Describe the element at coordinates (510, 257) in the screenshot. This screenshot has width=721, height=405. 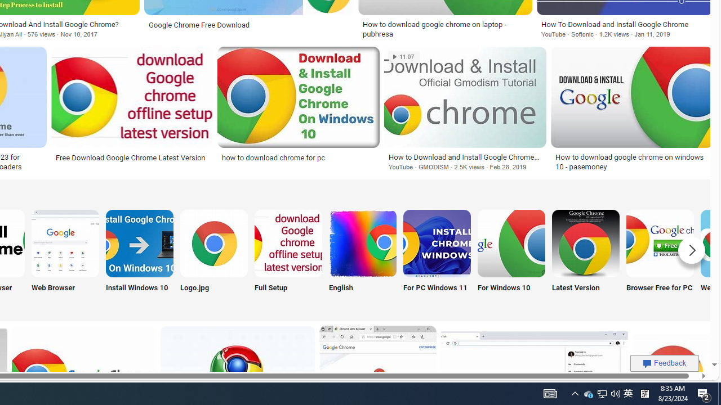
I see `'For Windows 10'` at that location.